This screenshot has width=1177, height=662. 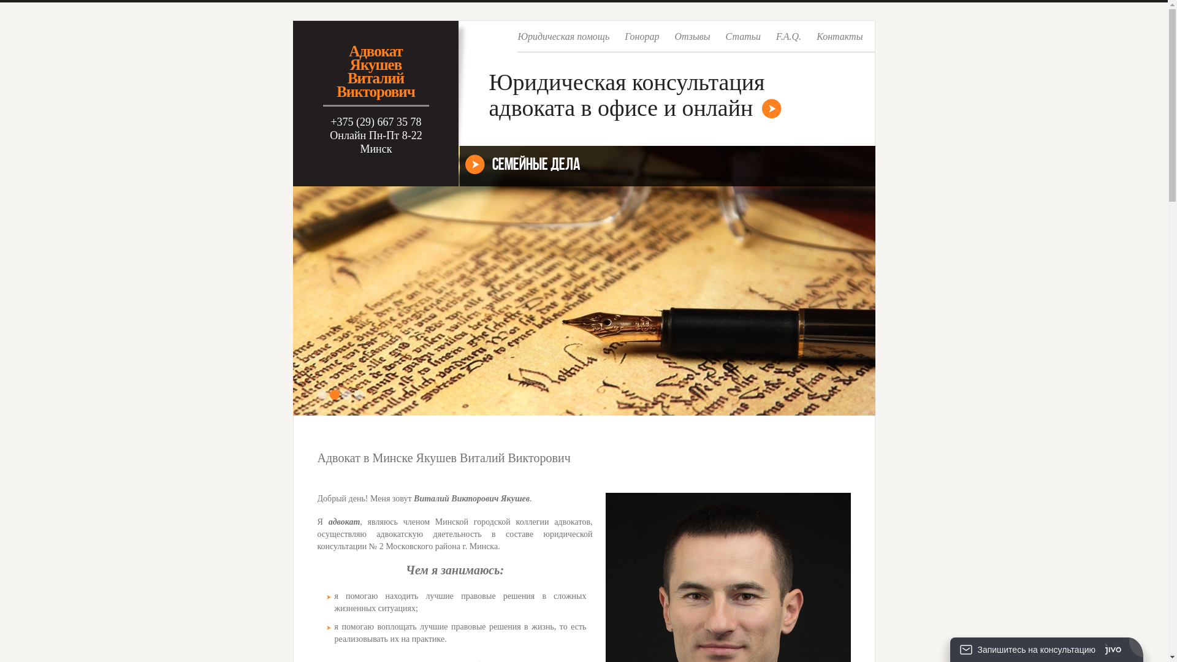 What do you see at coordinates (358, 395) in the screenshot?
I see `'4'` at bounding box center [358, 395].